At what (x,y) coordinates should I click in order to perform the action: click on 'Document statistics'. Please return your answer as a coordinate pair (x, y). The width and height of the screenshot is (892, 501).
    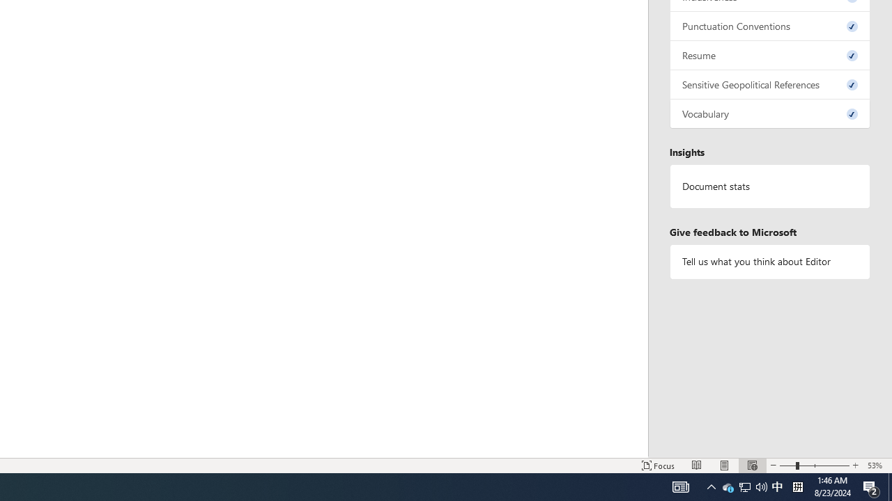
    Looking at the image, I should click on (769, 185).